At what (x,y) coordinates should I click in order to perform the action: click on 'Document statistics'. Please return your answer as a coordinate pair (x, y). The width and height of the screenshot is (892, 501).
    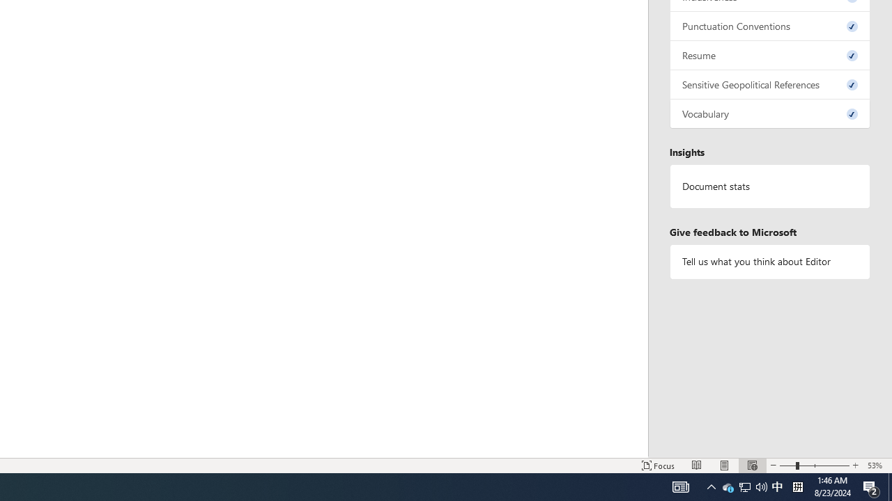
    Looking at the image, I should click on (769, 185).